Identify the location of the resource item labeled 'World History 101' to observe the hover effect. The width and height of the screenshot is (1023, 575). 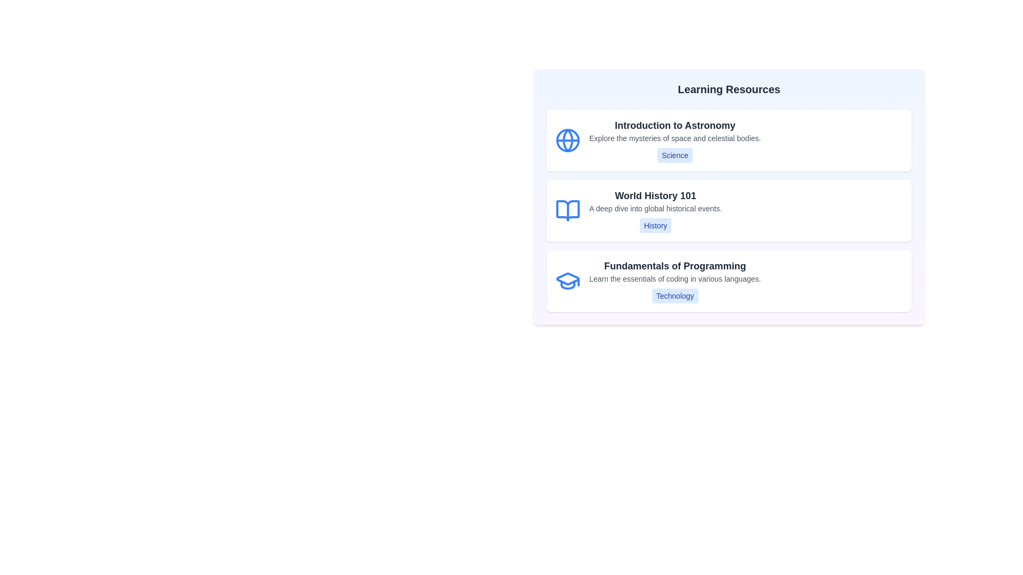
(728, 211).